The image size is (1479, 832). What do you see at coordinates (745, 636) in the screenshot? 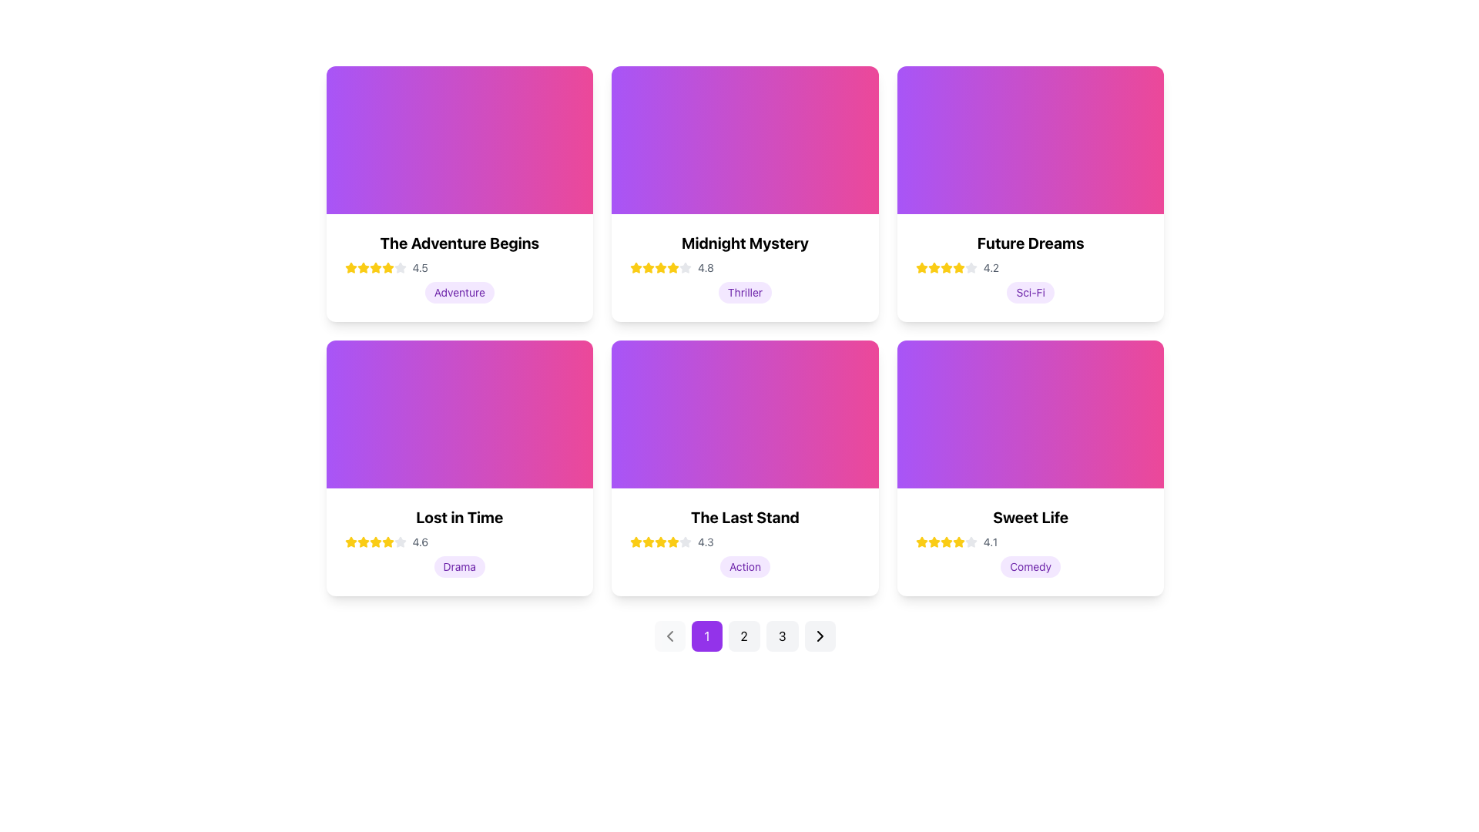
I see `the button labeled '2' in the bottom navigation bar` at bounding box center [745, 636].